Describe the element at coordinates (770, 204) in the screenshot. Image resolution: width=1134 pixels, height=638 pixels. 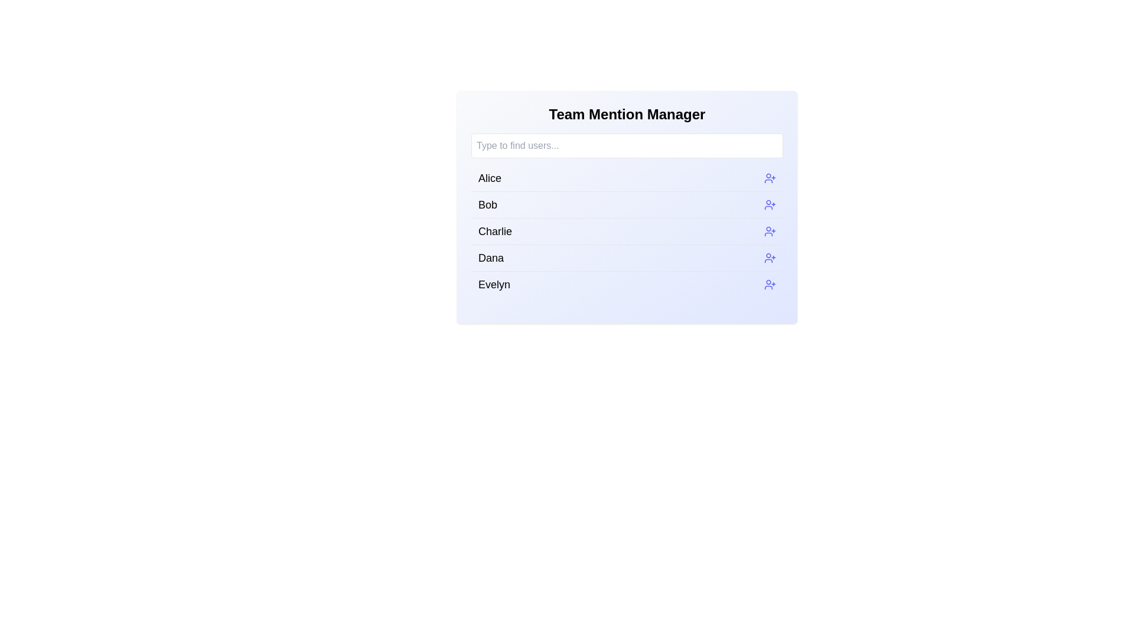
I see `the icon button, which is an indigo circular icon of a person with a '+' symbol beside it, located immediately to the right of the text 'Bob' in the 'Team Mention Manager' section` at that location.